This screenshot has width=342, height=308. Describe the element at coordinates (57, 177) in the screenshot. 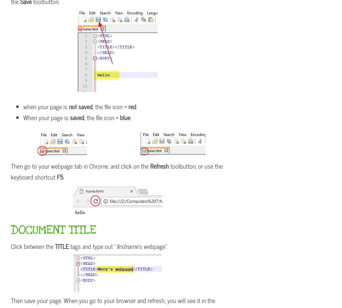

I see `'F5'` at that location.